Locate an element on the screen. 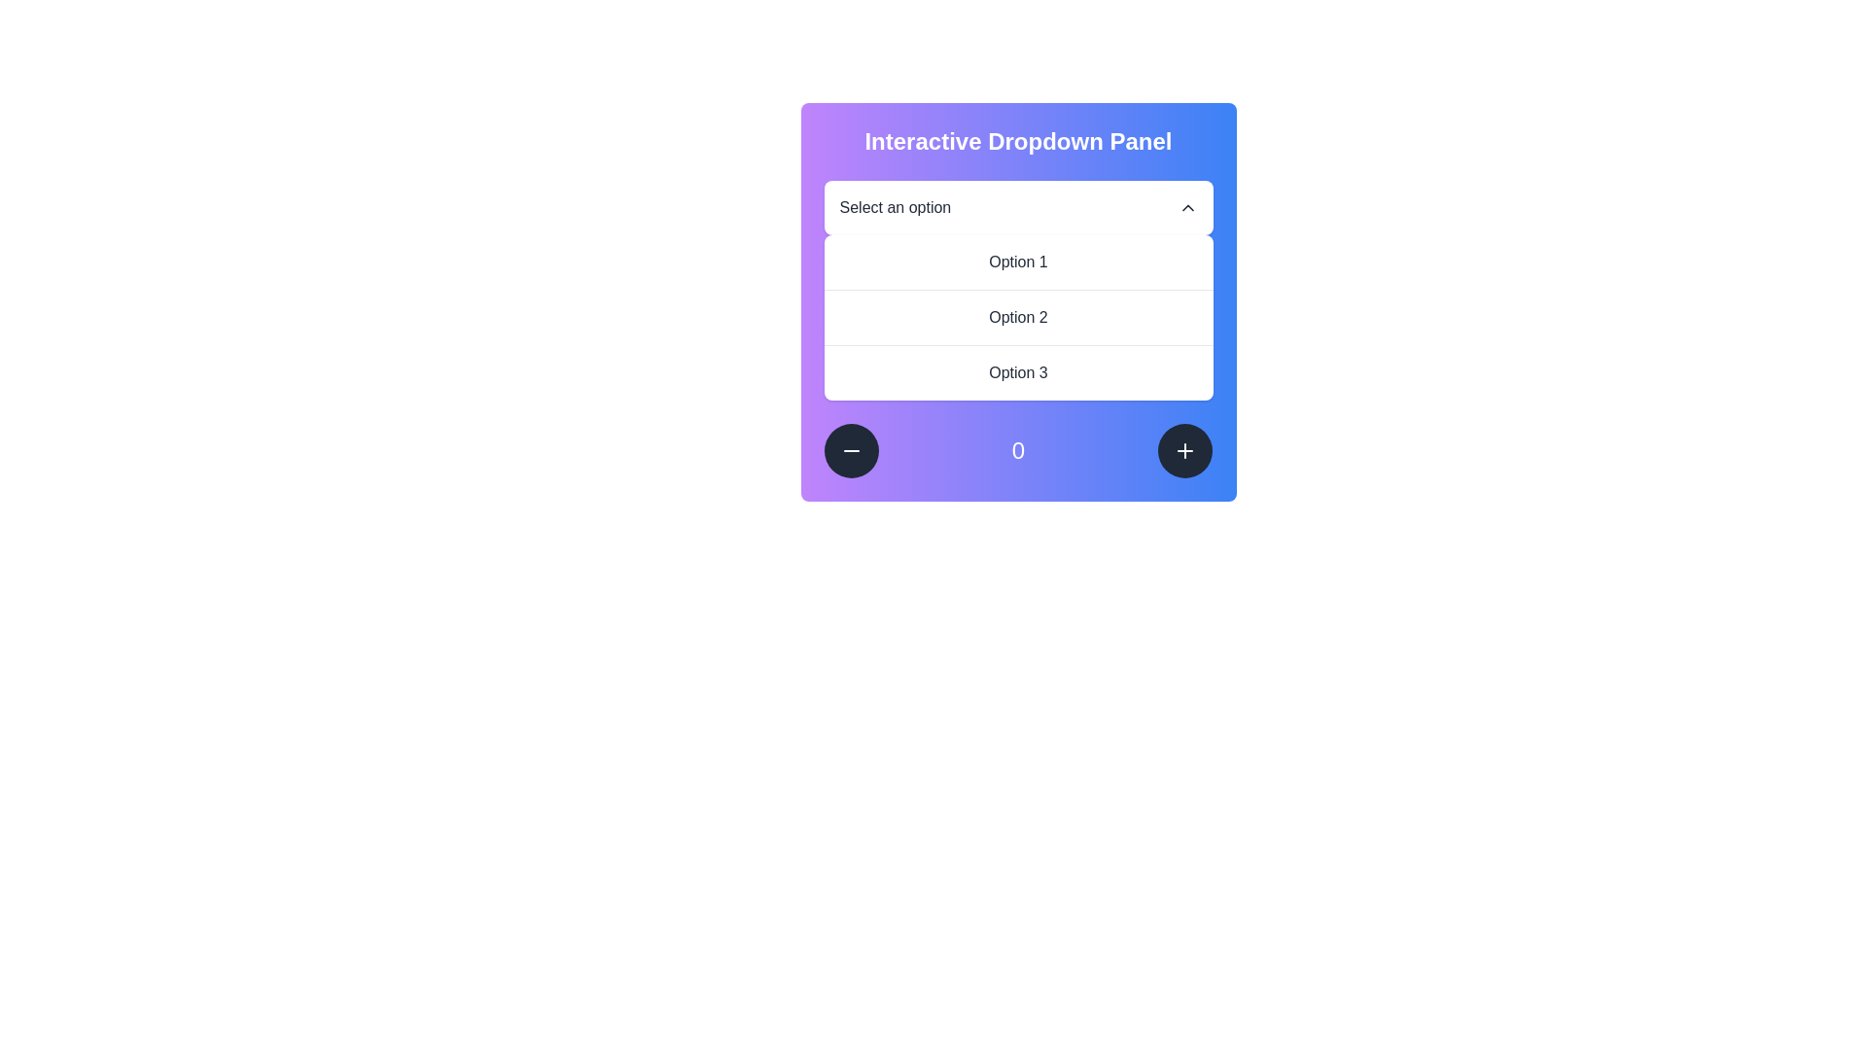 This screenshot has width=1867, height=1050. the circular button with a dark gray background and a white plus '+' icon is located at coordinates (1184, 450).